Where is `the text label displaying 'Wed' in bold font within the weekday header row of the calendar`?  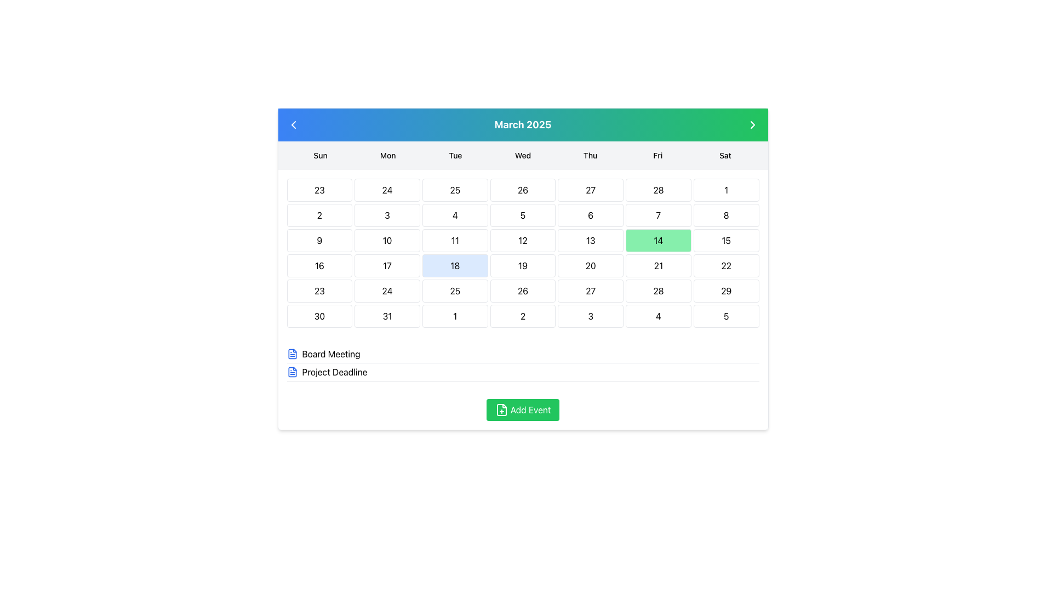
the text label displaying 'Wed' in bold font within the weekday header row of the calendar is located at coordinates (522, 156).